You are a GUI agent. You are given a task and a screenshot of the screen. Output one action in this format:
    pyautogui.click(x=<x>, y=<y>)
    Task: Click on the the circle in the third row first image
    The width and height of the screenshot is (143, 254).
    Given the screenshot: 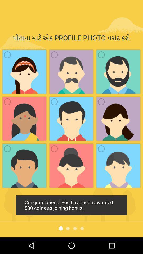 What is the action you would take?
    pyautogui.click(x=7, y=148)
    